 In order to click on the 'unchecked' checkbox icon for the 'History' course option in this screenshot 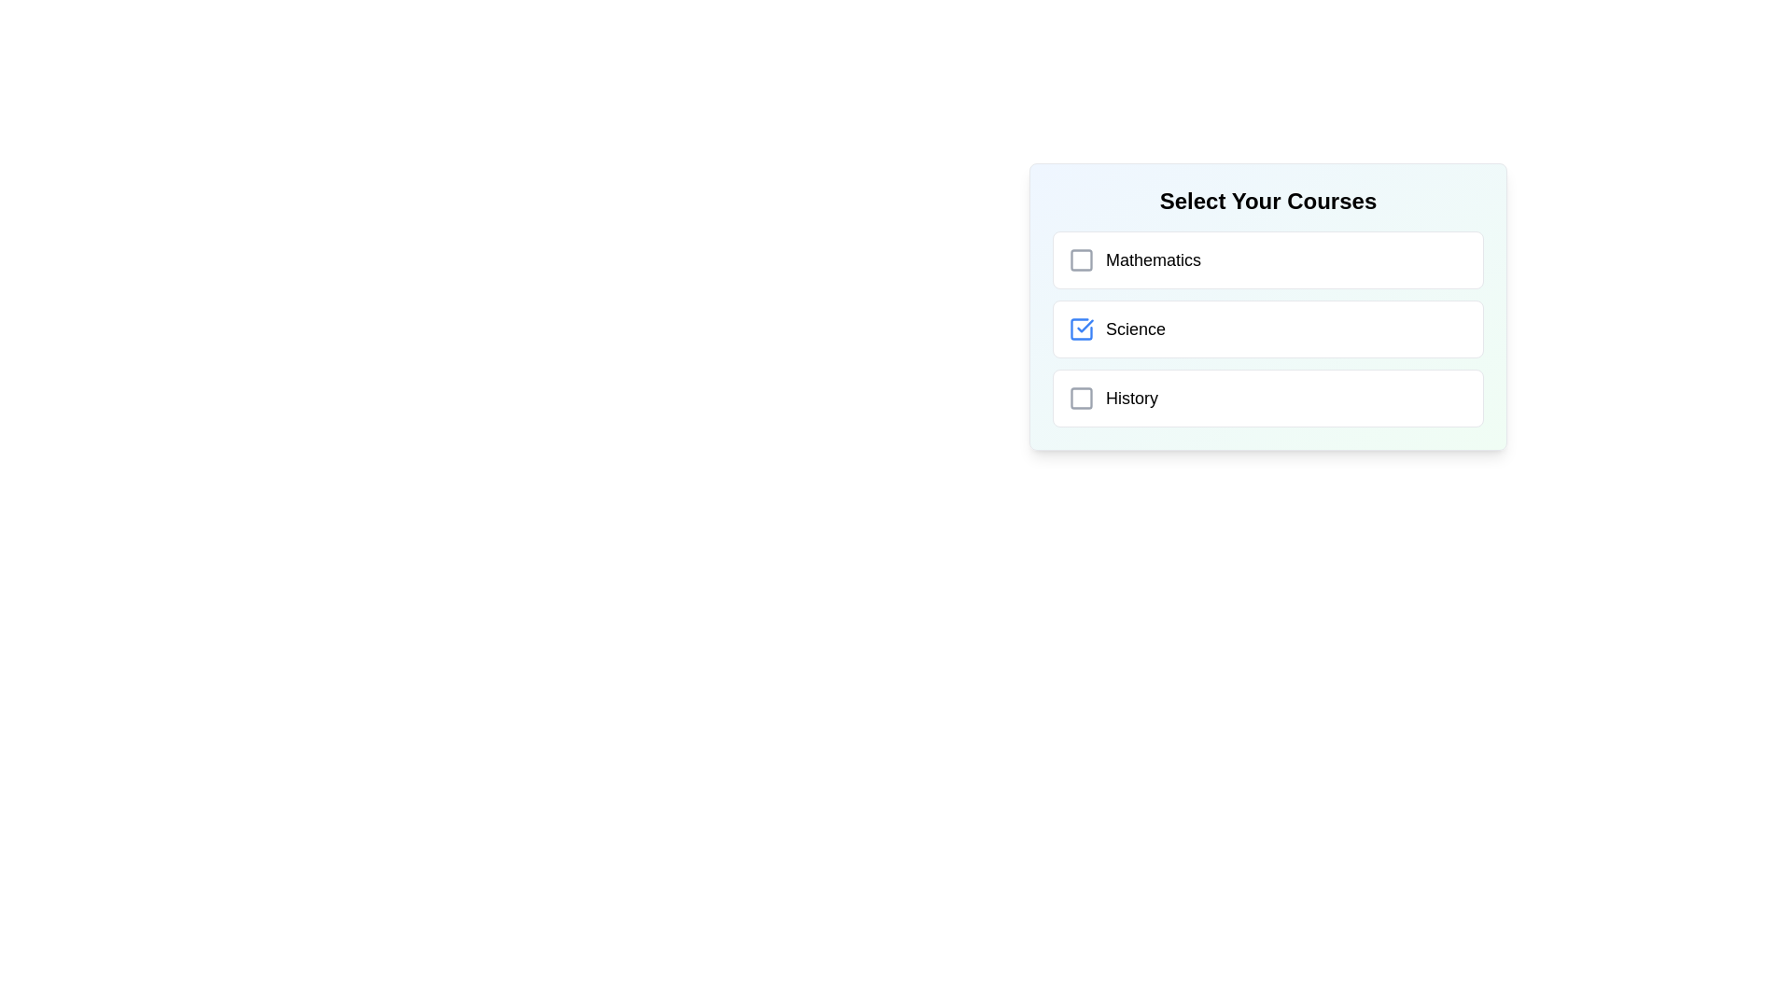, I will do `click(1081, 398)`.